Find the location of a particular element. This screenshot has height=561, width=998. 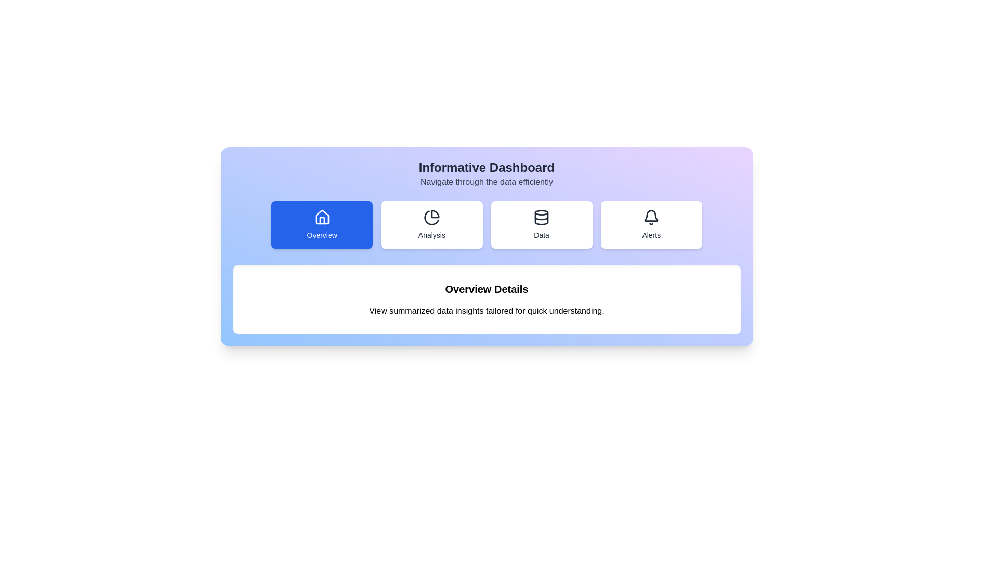

text of the label displaying 'Analysis', which is positioned below the pie chart icon in the second tile of the grid of navigation options is located at coordinates (431, 235).